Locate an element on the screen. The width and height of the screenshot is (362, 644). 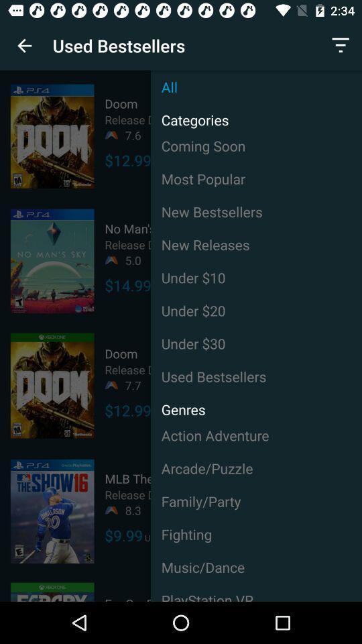
the icon above the family/party icon is located at coordinates (256, 468).